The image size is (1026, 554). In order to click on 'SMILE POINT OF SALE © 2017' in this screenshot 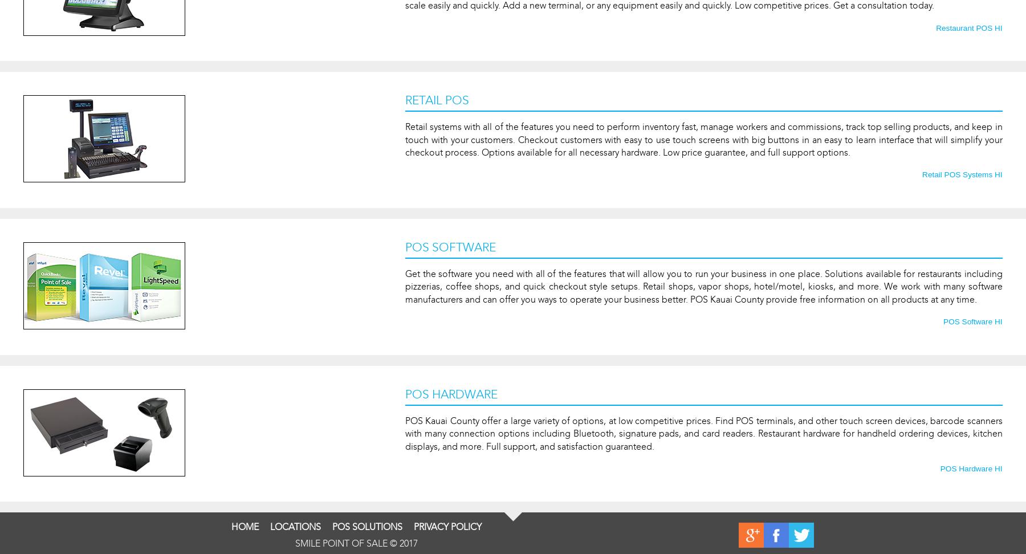, I will do `click(356, 543)`.